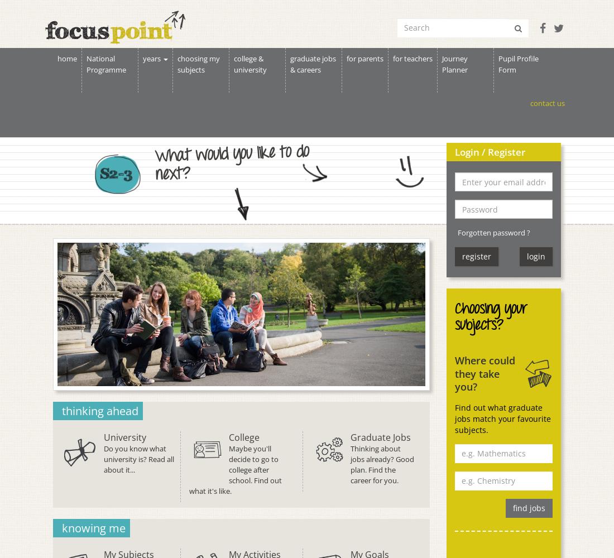 This screenshot has width=614, height=558. Describe the element at coordinates (412, 58) in the screenshot. I see `'for teachers'` at that location.